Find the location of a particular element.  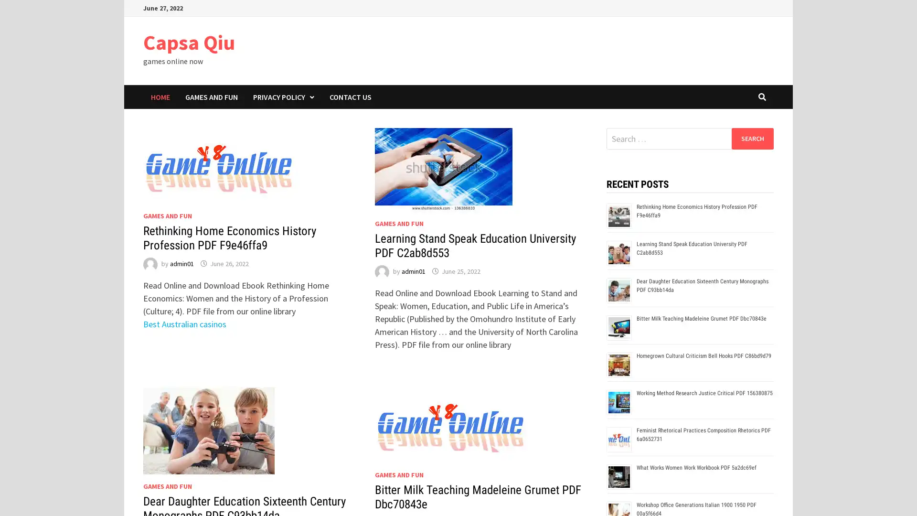

Search is located at coordinates (752, 138).